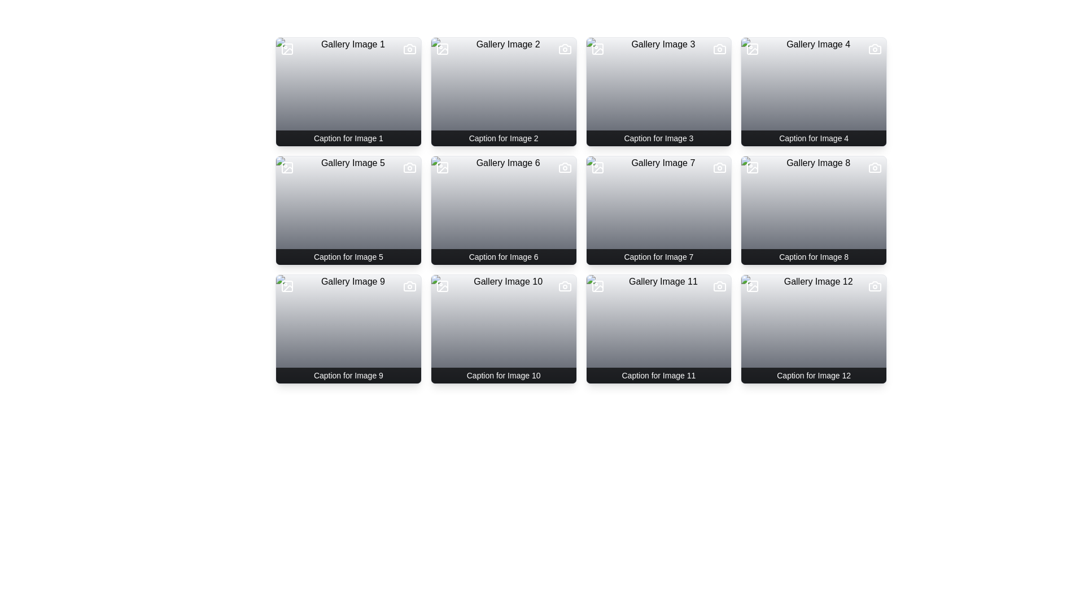 The height and width of the screenshot is (610, 1084). What do you see at coordinates (658, 91) in the screenshot?
I see `the icons in the top corners of the highlighted card with the caption 'Caption for Image 3', which features a gradient background and is positioned in the first row of the grid layout` at bounding box center [658, 91].